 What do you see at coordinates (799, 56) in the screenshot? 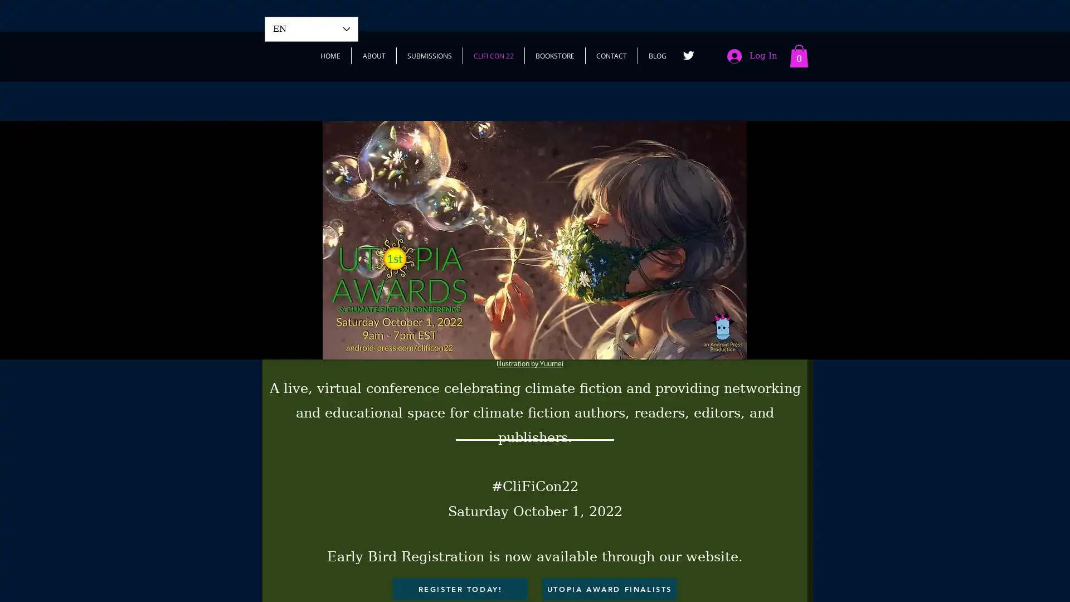
I see `Cart with 0 items` at bounding box center [799, 56].